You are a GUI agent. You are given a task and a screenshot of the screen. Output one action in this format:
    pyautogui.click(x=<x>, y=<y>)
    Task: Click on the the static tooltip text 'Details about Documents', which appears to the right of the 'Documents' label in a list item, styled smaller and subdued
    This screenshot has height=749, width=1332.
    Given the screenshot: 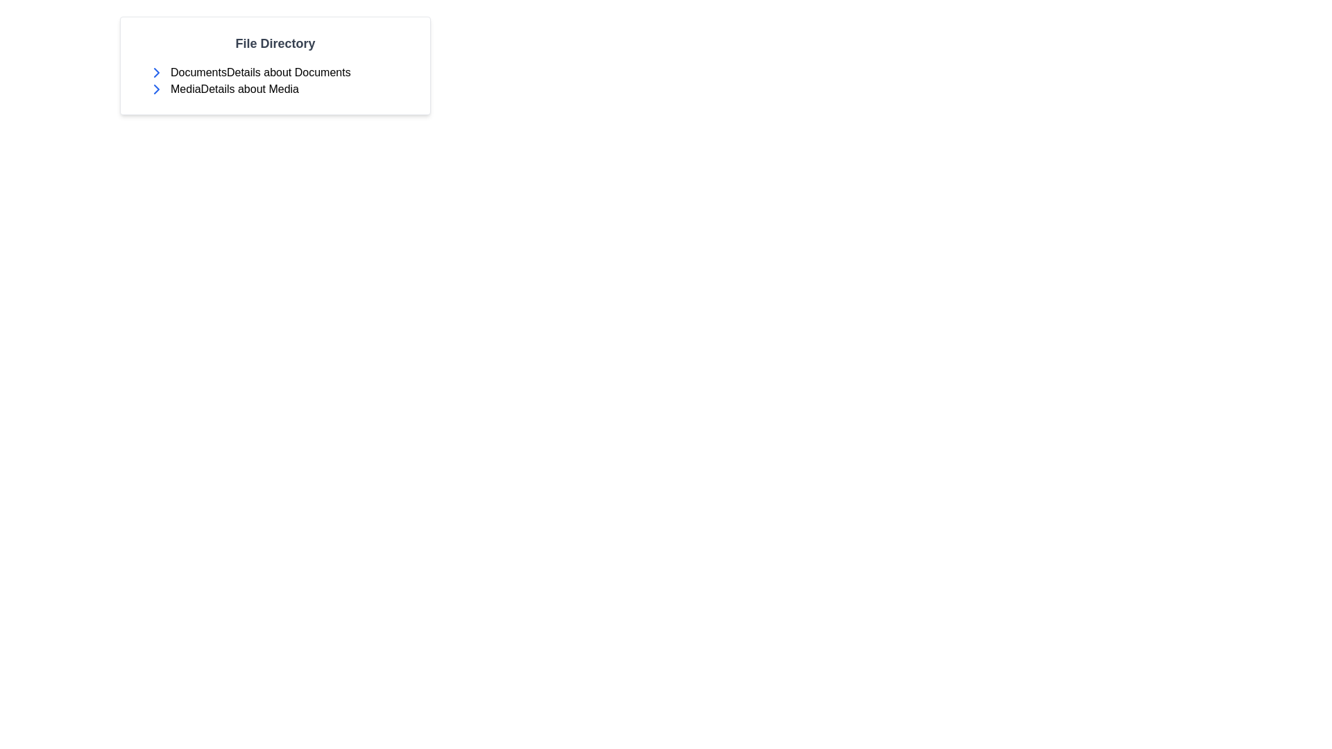 What is the action you would take?
    pyautogui.click(x=288, y=72)
    